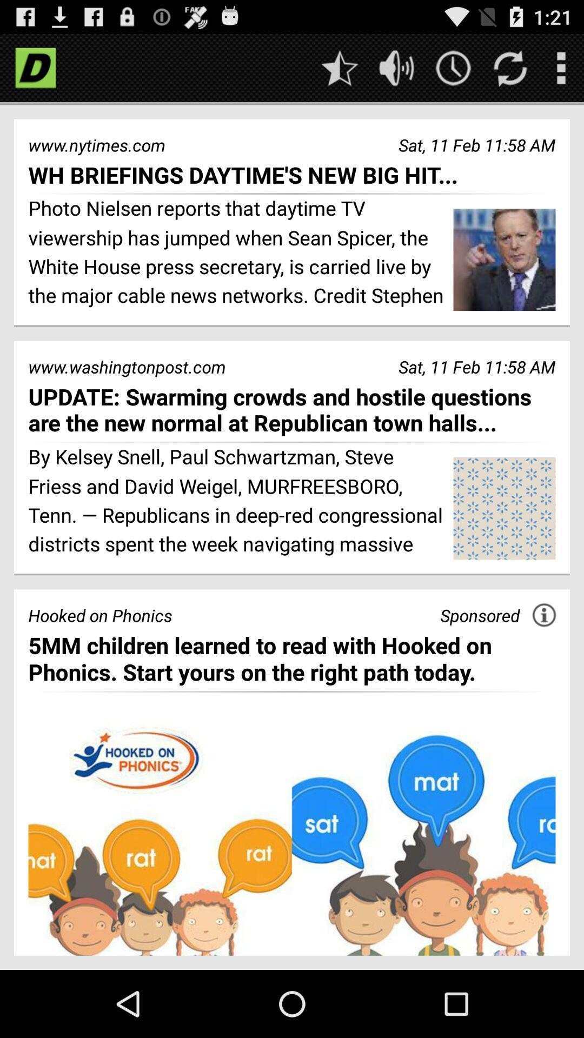 This screenshot has height=1038, width=584. What do you see at coordinates (292, 837) in the screenshot?
I see `opens sponsors advertisement` at bounding box center [292, 837].